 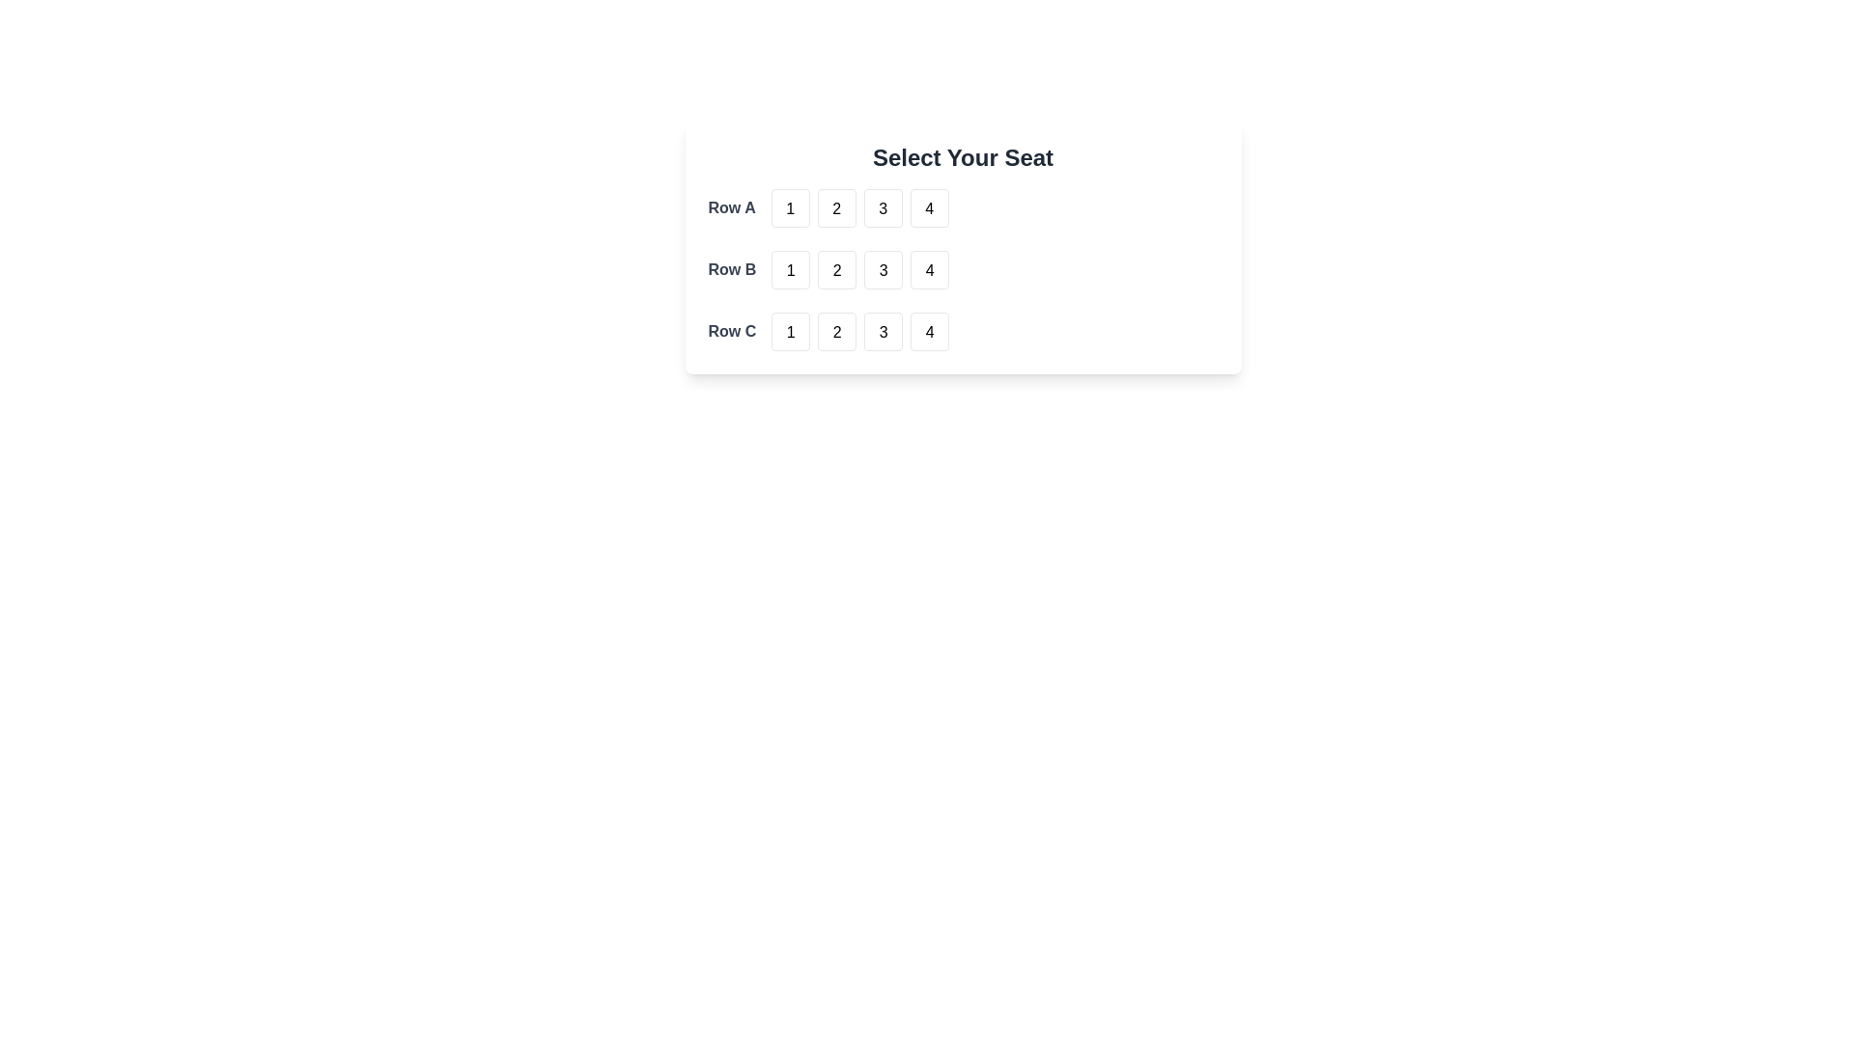 What do you see at coordinates (791, 330) in the screenshot?
I see `the first button in Row C under the 'Select Your Seat' header, which is a square button with rounded corners, a white background, and the number '1' centered in bold black text` at bounding box center [791, 330].